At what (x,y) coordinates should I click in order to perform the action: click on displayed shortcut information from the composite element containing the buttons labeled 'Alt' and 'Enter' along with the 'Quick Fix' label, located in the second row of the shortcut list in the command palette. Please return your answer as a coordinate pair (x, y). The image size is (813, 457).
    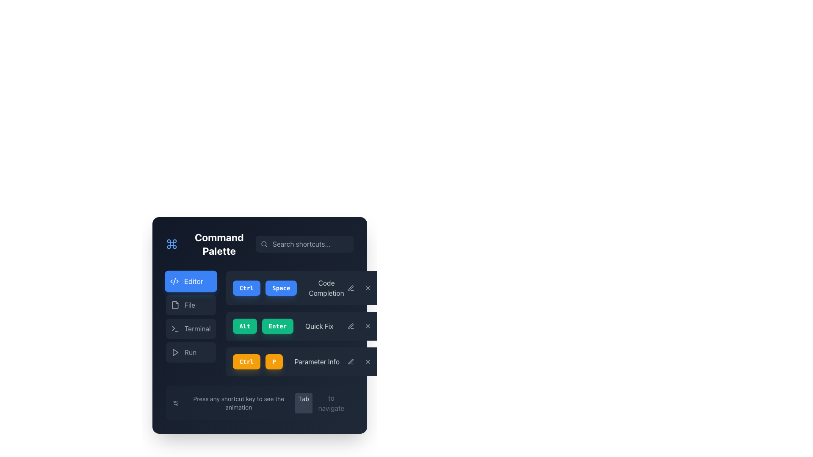
    Looking at the image, I should click on (283, 326).